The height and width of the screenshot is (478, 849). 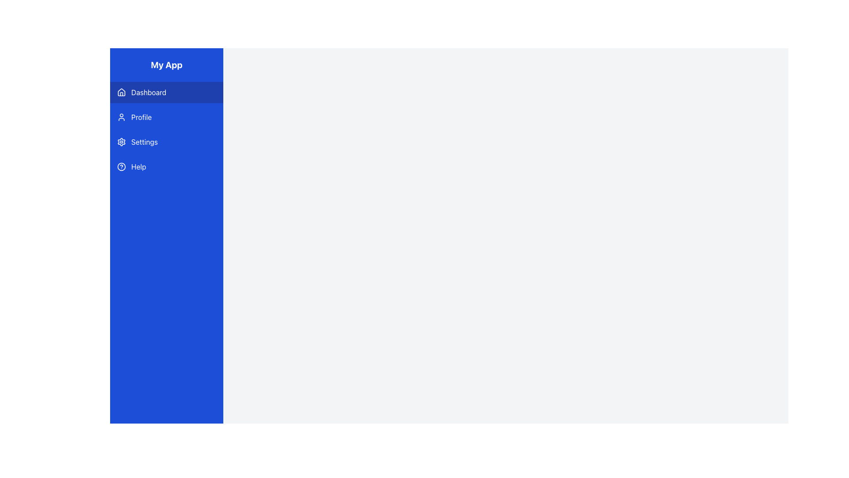 I want to click on the user avatar icon in the vertical navigation sidebar, so click(x=121, y=117).